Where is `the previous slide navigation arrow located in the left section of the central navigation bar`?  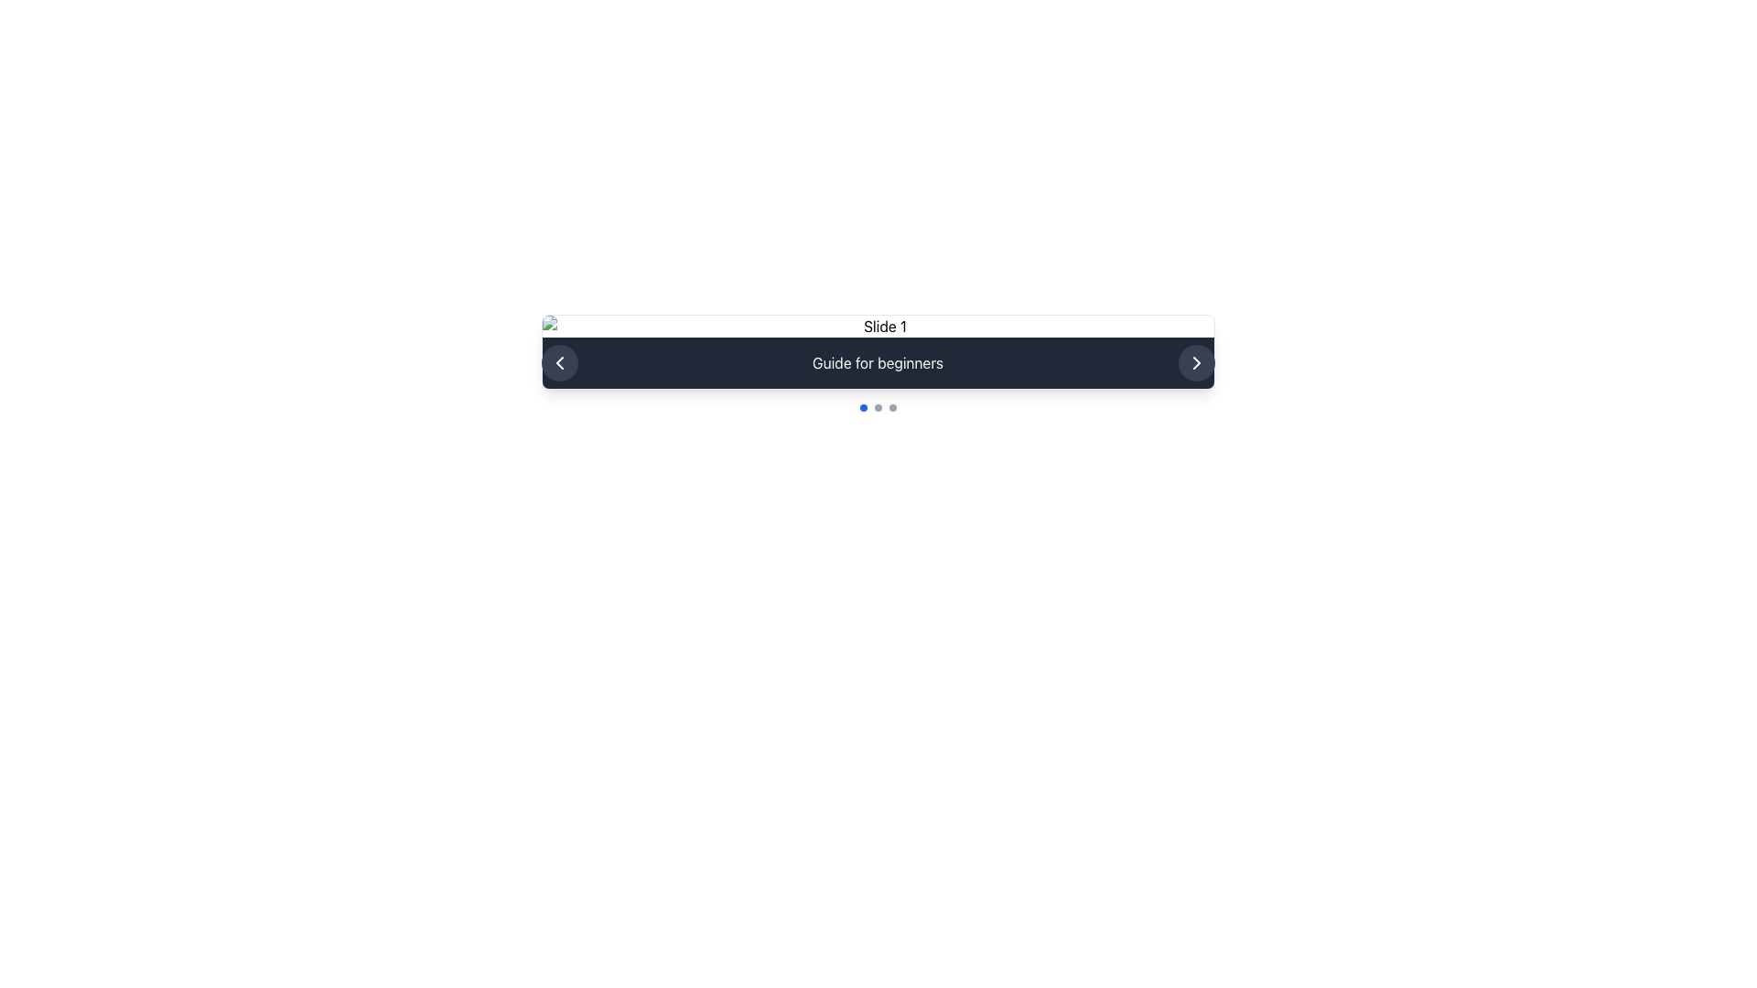
the previous slide navigation arrow located in the left section of the central navigation bar is located at coordinates (558, 363).